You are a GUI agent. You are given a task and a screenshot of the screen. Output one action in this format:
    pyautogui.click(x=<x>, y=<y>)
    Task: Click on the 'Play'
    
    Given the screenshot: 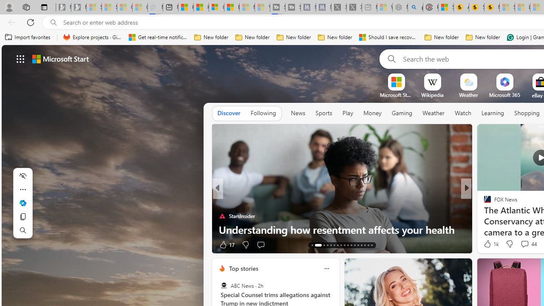 What is the action you would take?
    pyautogui.click(x=347, y=113)
    